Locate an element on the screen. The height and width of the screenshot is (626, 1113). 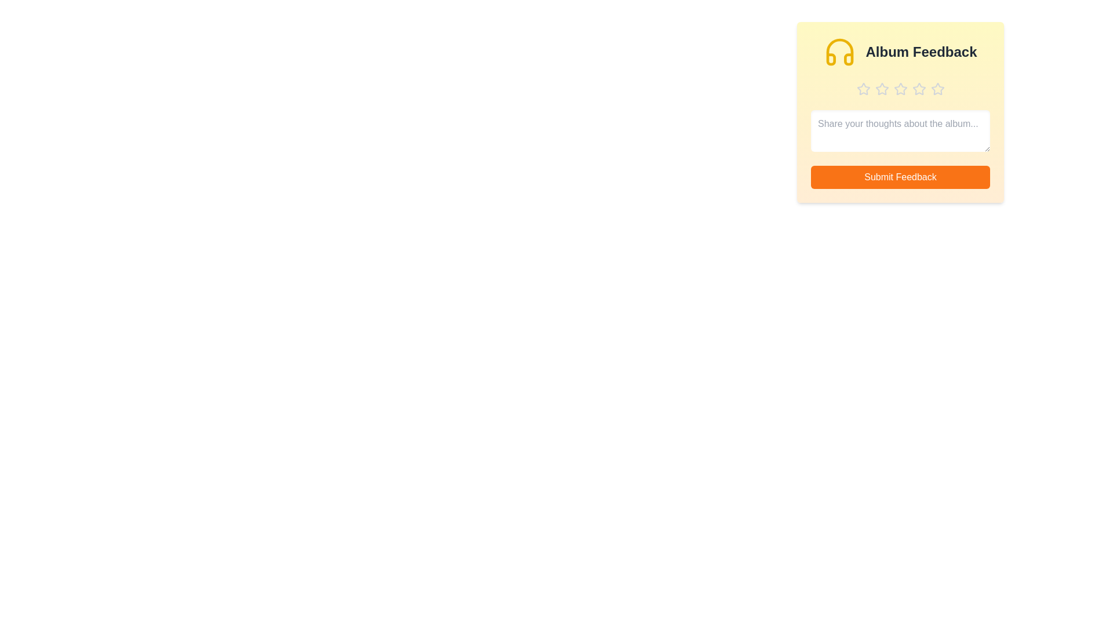
the star corresponding to 4 stars to preview the rating is located at coordinates (918, 89).